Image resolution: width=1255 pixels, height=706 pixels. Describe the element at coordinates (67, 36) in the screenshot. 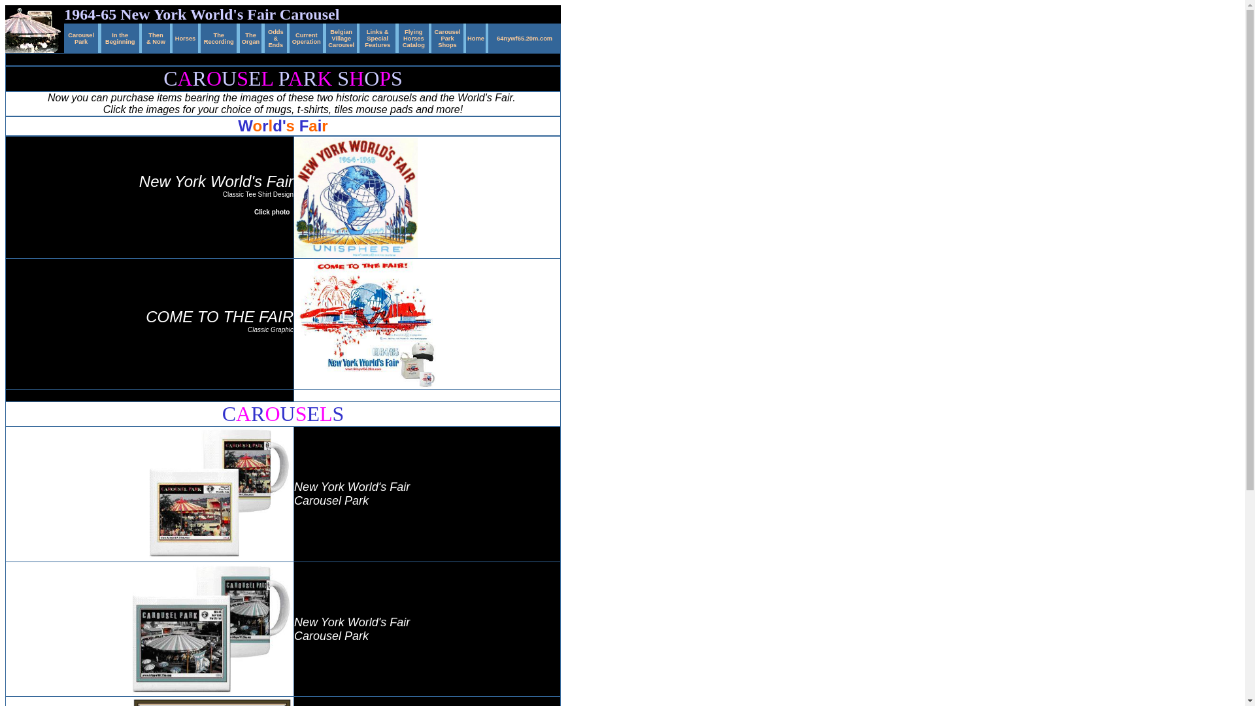

I see `'Carousel` at that location.